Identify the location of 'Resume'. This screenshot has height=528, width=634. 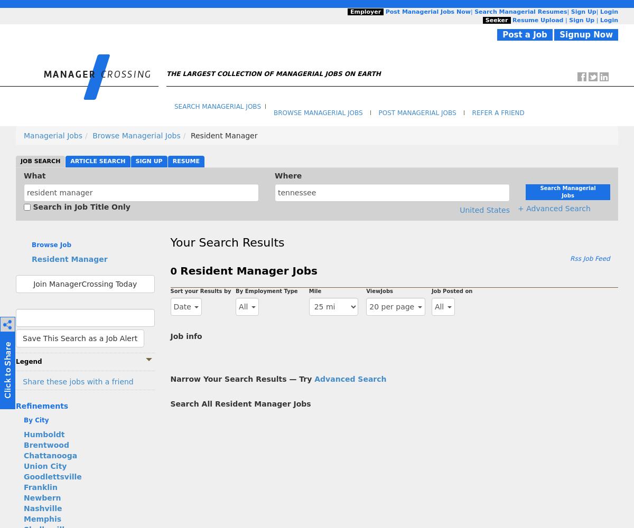
(172, 161).